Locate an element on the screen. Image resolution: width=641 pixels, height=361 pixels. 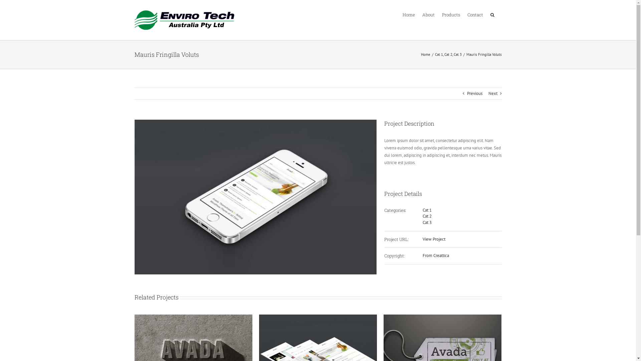
'Products' is located at coordinates (451, 14).